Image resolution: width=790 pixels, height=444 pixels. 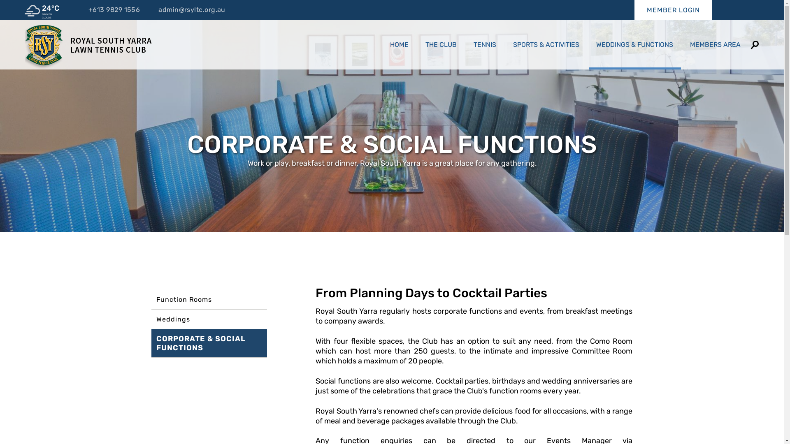 What do you see at coordinates (714, 44) in the screenshot?
I see `'MEMBERS AREA'` at bounding box center [714, 44].